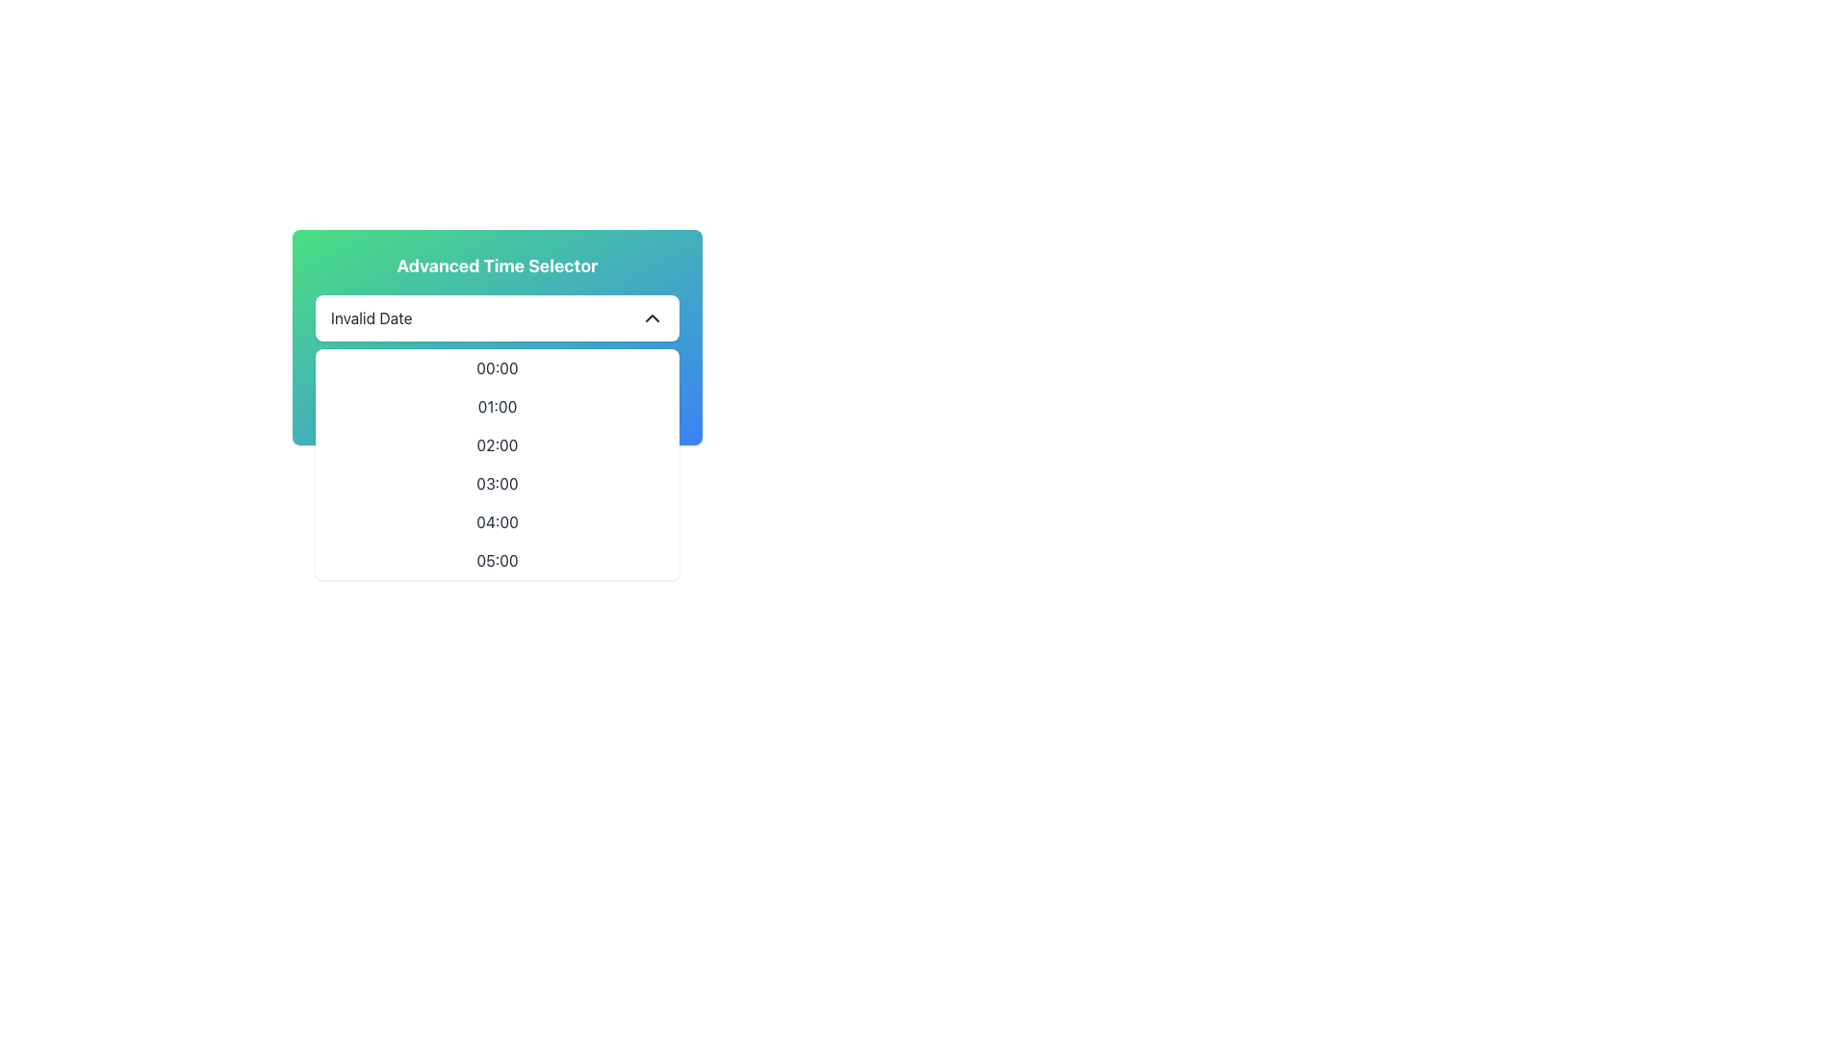 This screenshot has height=1039, width=1848. Describe the element at coordinates (498, 402) in the screenshot. I see `the rectangular button with a white background and grey text ('12:00')` at that location.